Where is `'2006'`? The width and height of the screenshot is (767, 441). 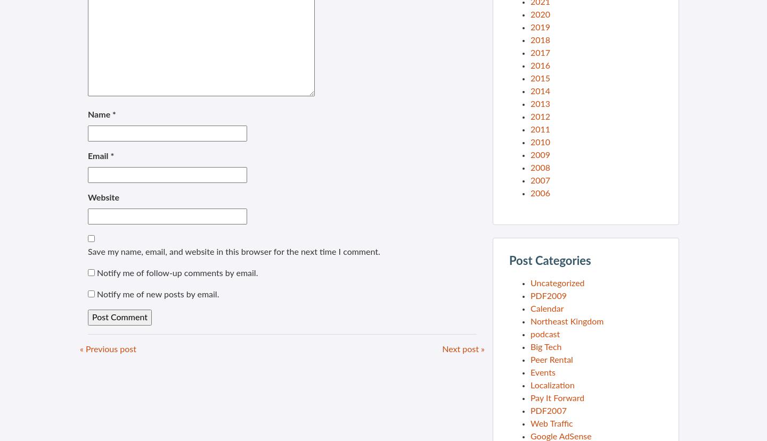 '2006' is located at coordinates (540, 193).